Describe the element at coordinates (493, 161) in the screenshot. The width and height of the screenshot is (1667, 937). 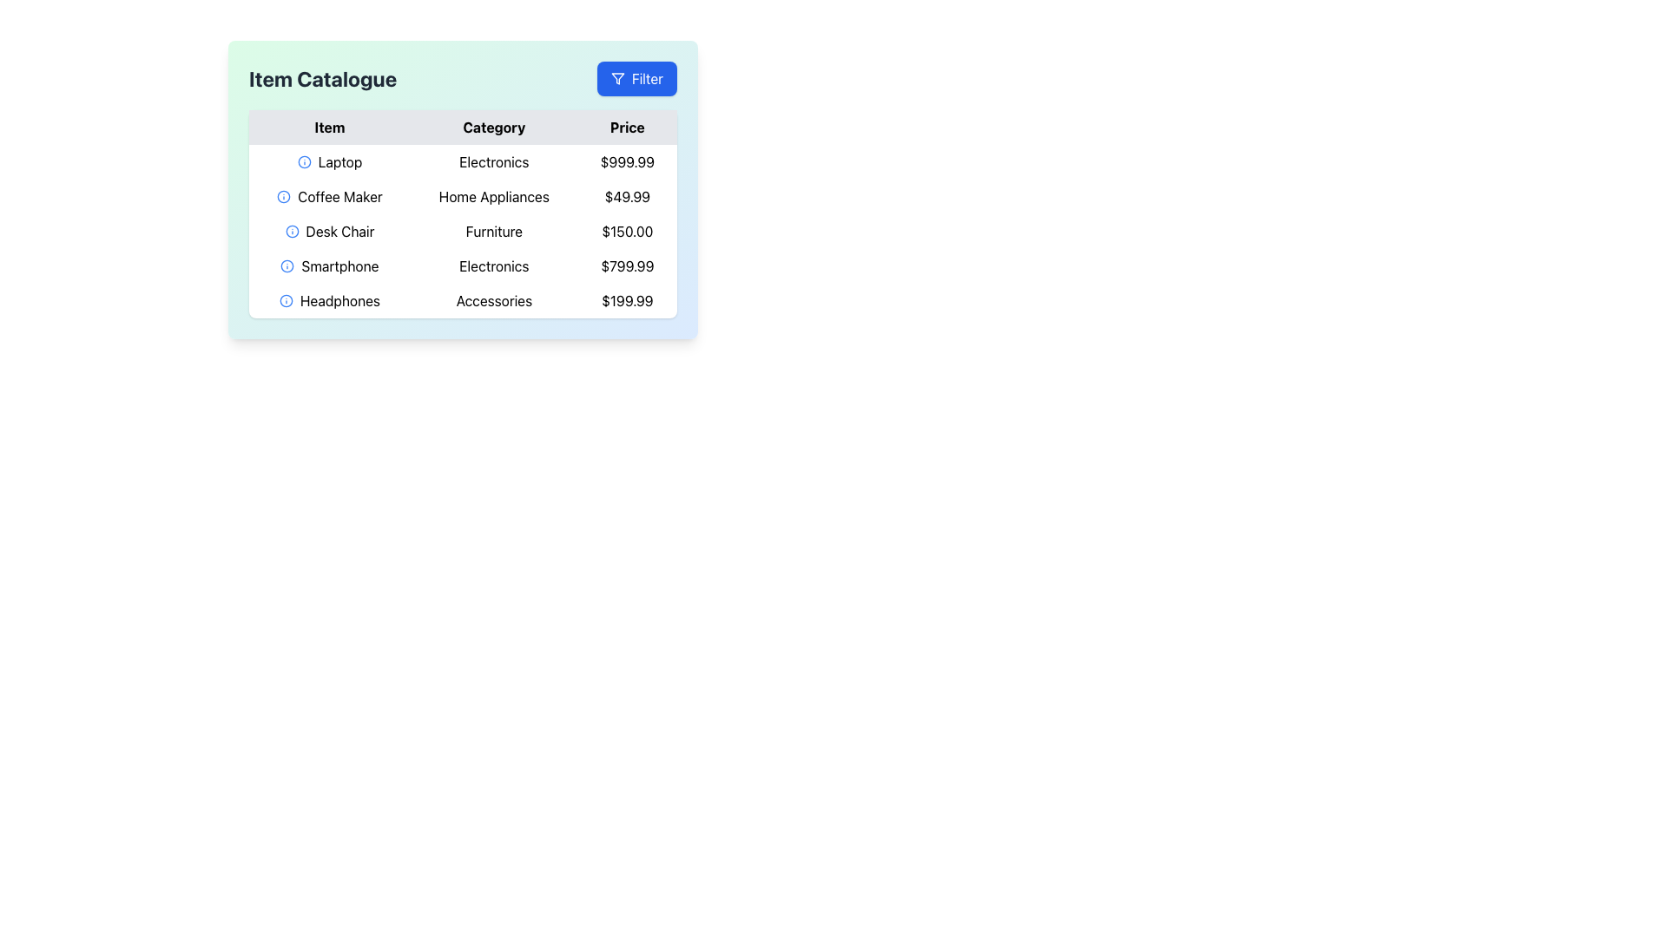
I see `the Text Label indicating the category for the associated item in the table, which is centrally located under the 'Category' column aligned with the 'Laptop' row` at that location.